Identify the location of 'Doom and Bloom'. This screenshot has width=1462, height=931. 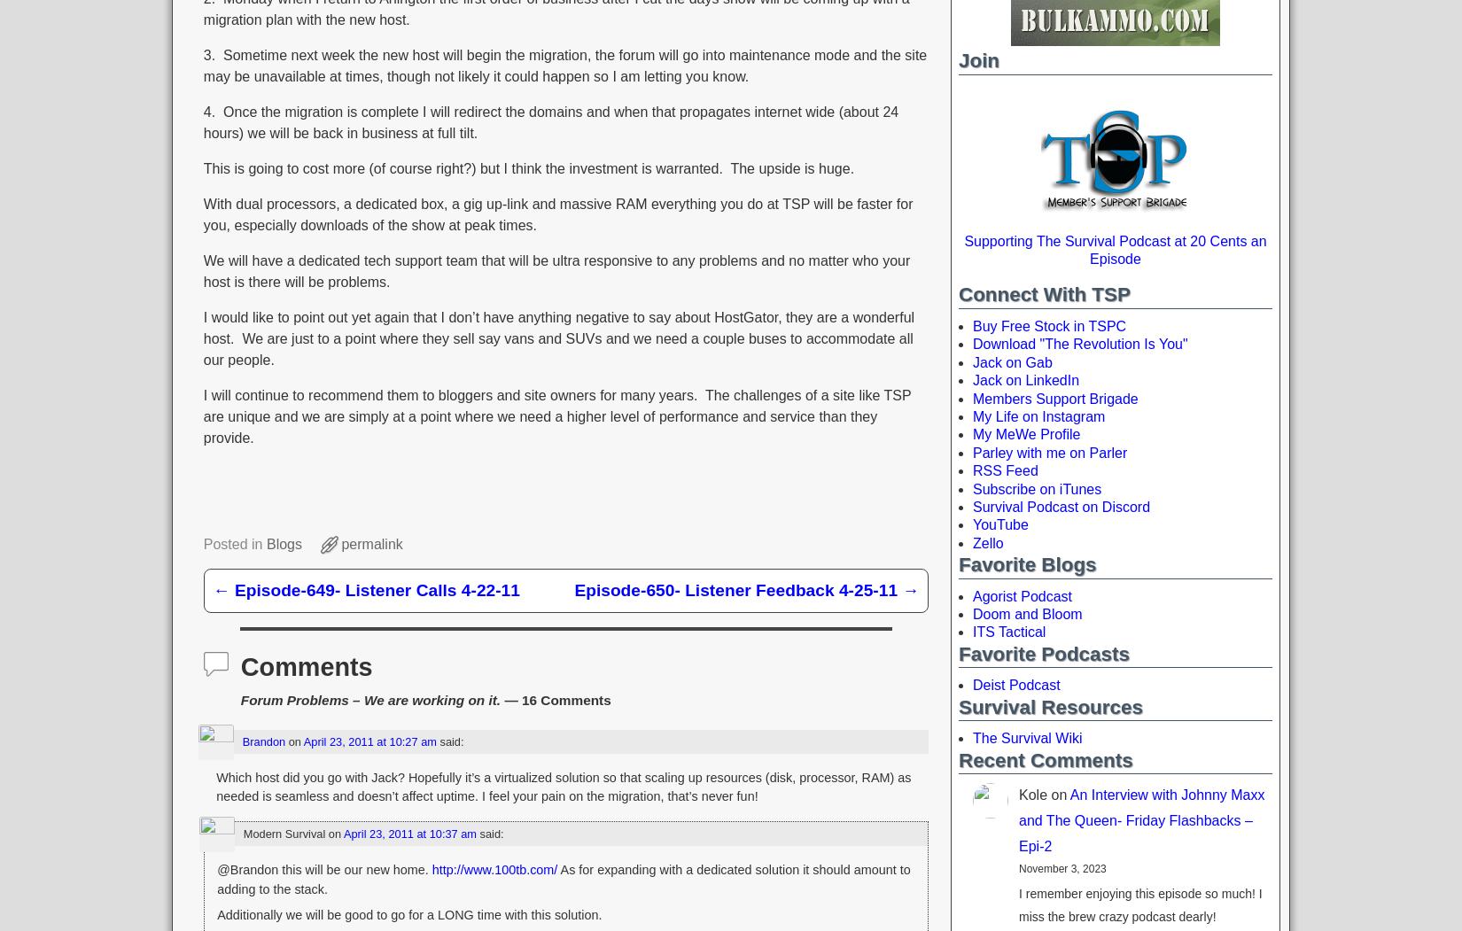
(1027, 613).